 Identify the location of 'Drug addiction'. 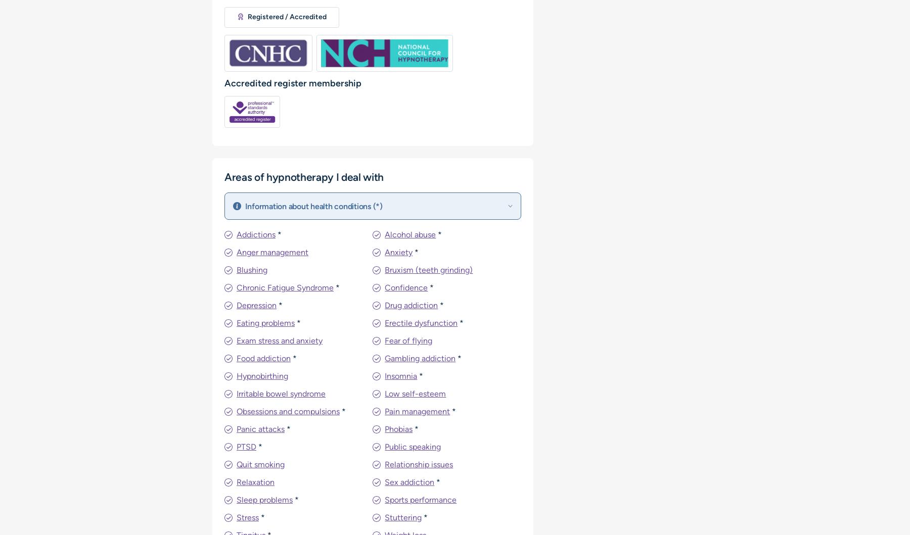
(411, 305).